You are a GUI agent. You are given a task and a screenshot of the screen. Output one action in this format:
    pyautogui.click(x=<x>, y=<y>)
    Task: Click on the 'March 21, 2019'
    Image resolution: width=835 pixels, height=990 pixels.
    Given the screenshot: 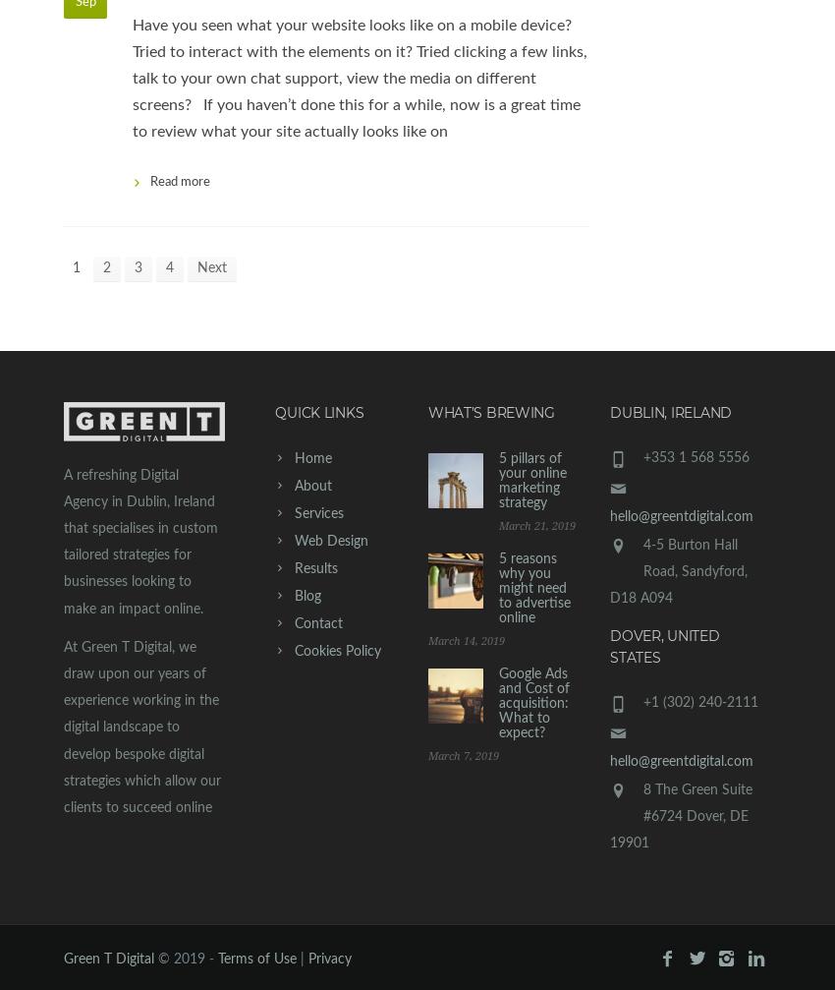 What is the action you would take?
    pyautogui.click(x=535, y=524)
    